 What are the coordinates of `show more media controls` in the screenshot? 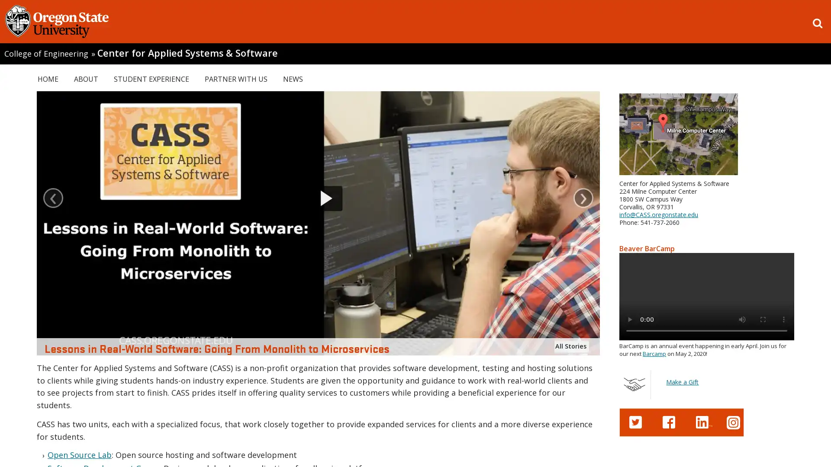 It's located at (783, 319).